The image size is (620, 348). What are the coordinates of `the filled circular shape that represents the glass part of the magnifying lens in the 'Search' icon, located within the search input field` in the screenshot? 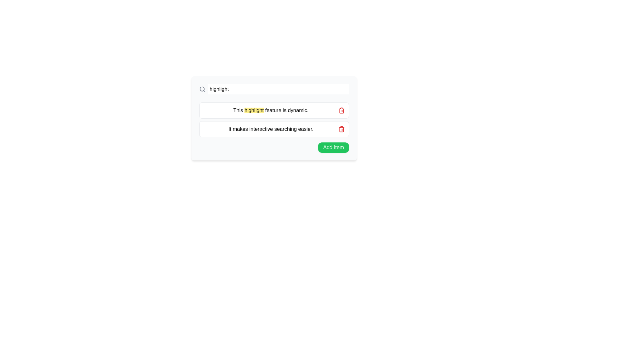 It's located at (202, 89).